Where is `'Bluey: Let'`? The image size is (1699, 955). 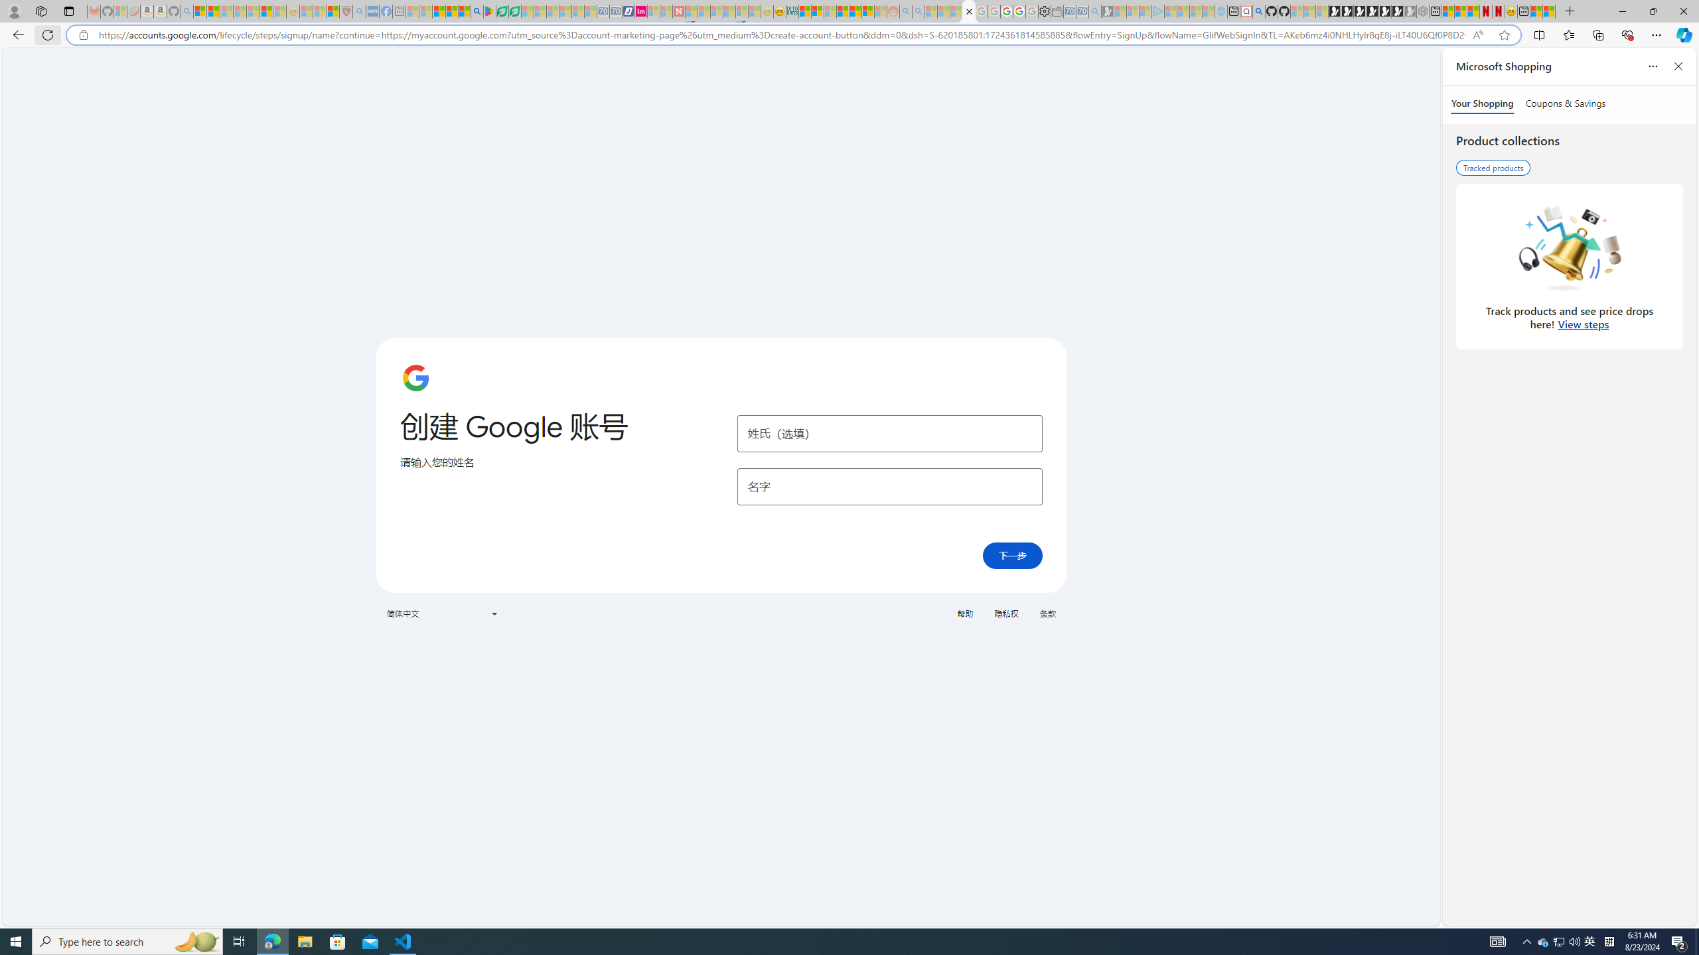 'Bluey: Let' is located at coordinates (489, 11).